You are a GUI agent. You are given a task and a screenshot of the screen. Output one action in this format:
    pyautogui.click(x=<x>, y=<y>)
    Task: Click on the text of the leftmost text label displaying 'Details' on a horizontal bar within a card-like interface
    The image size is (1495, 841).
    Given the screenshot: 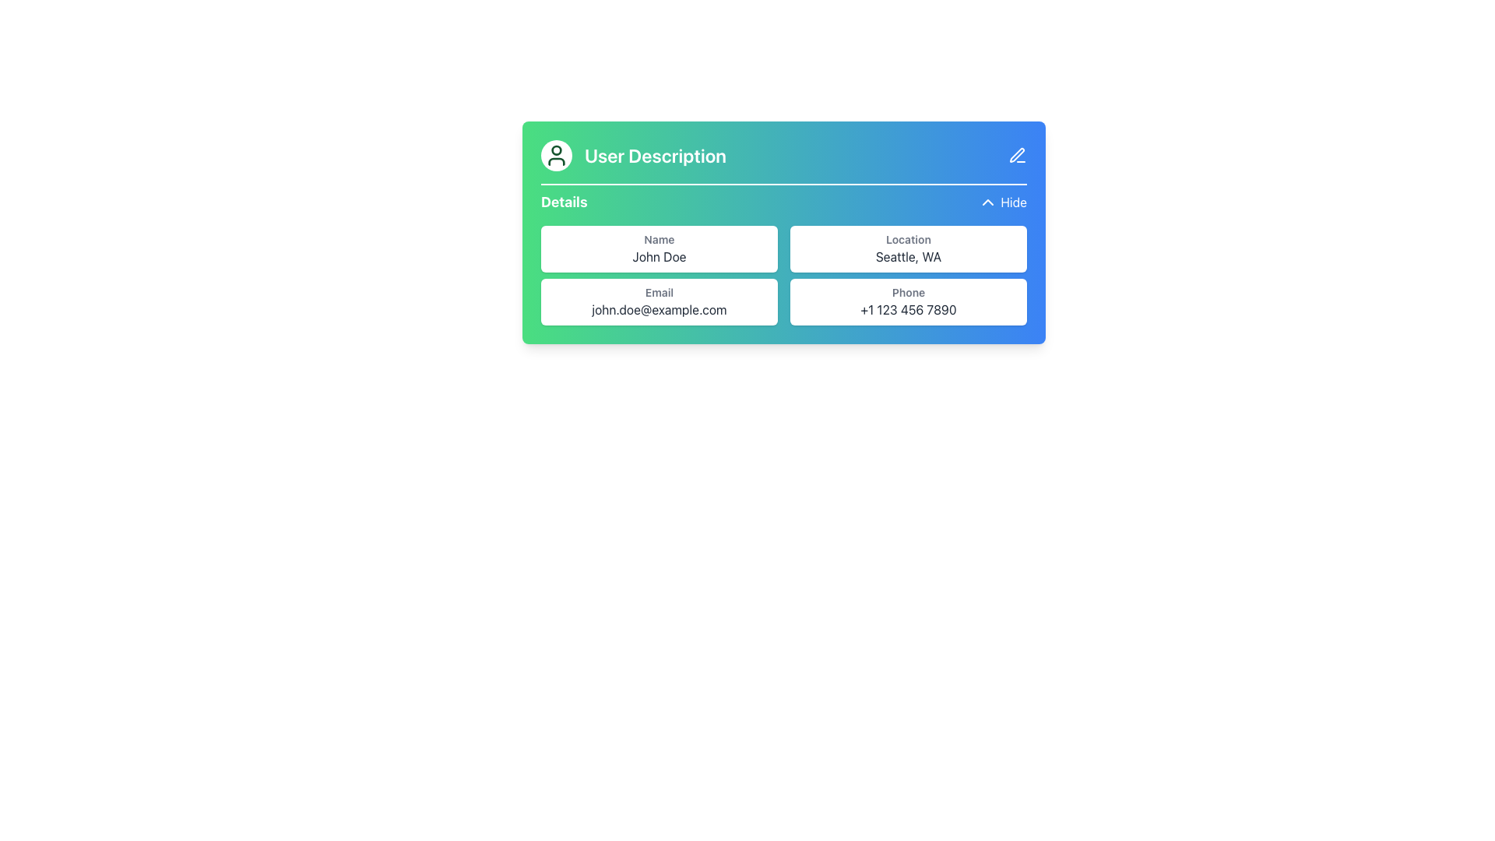 What is the action you would take?
    pyautogui.click(x=563, y=201)
    